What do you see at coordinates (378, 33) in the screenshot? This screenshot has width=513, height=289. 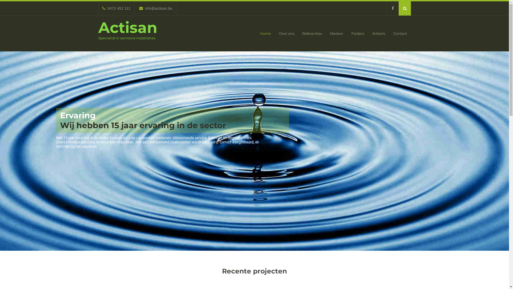 I see `'Artikels'` at bounding box center [378, 33].